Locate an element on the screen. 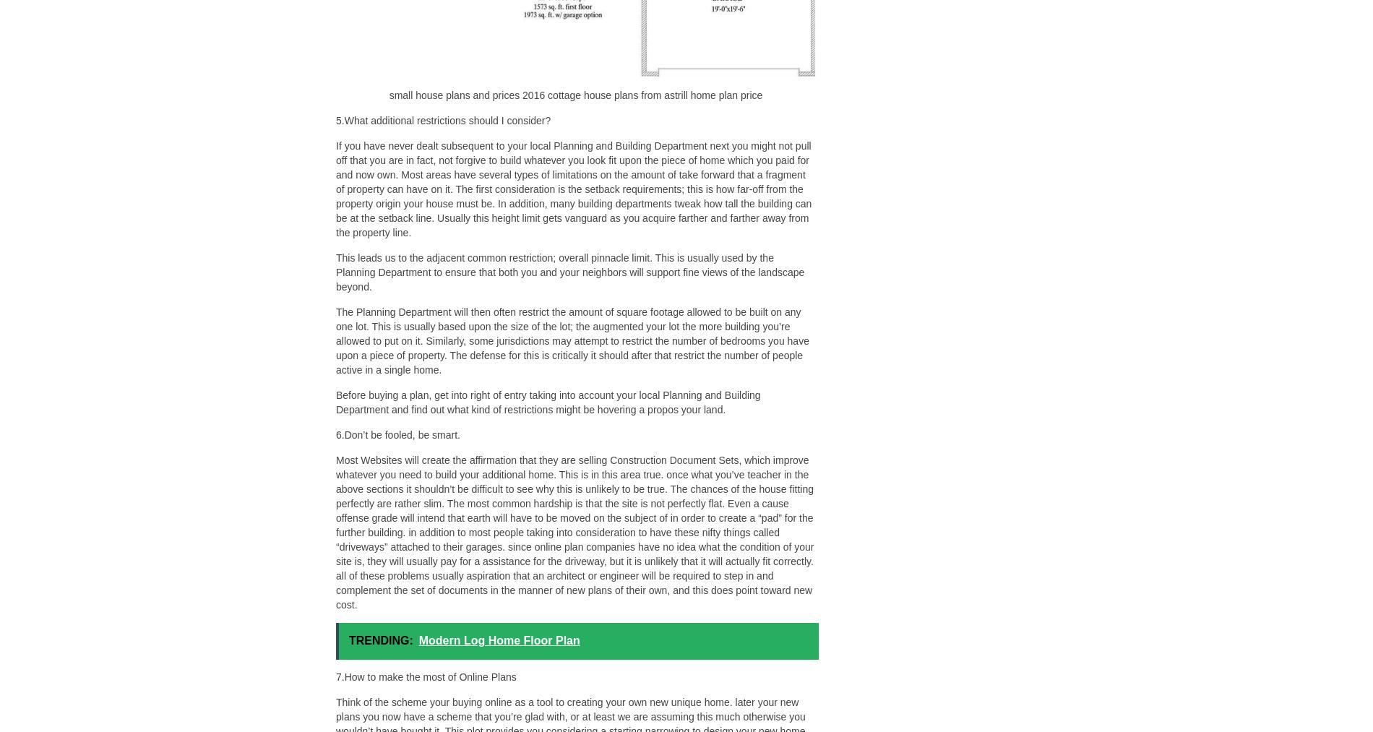 This screenshot has height=732, width=1373. 'Modern Log Home Floor Plan' is located at coordinates (499, 640).